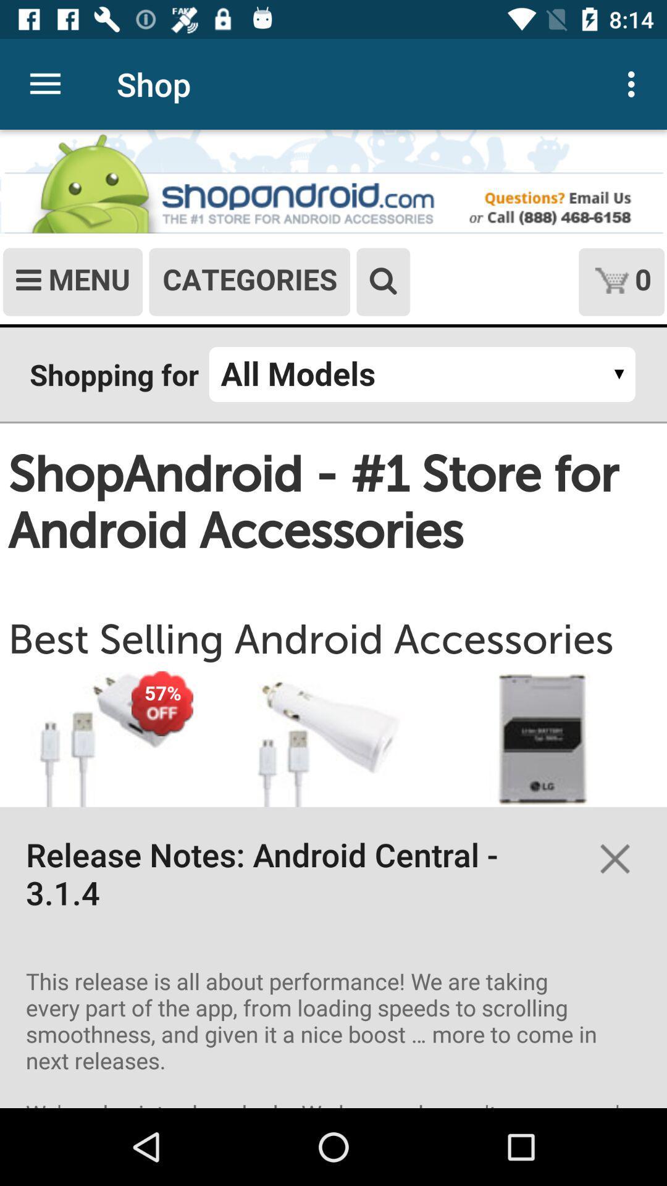 The height and width of the screenshot is (1186, 667). What do you see at coordinates (615, 858) in the screenshot?
I see `this pop-up` at bounding box center [615, 858].